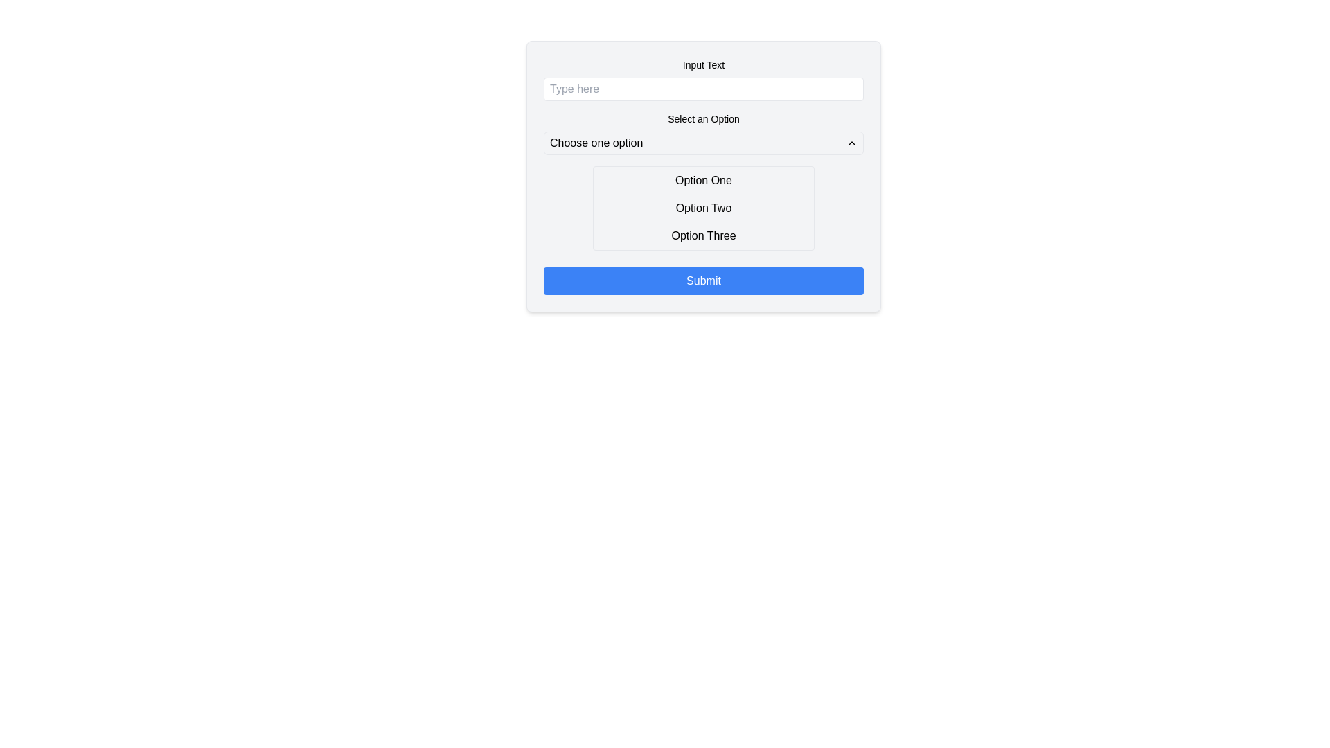 The width and height of the screenshot is (1330, 748). I want to click on to select 'Option Three' from the dropdown menu, which is the third item in the list, so click(704, 235).